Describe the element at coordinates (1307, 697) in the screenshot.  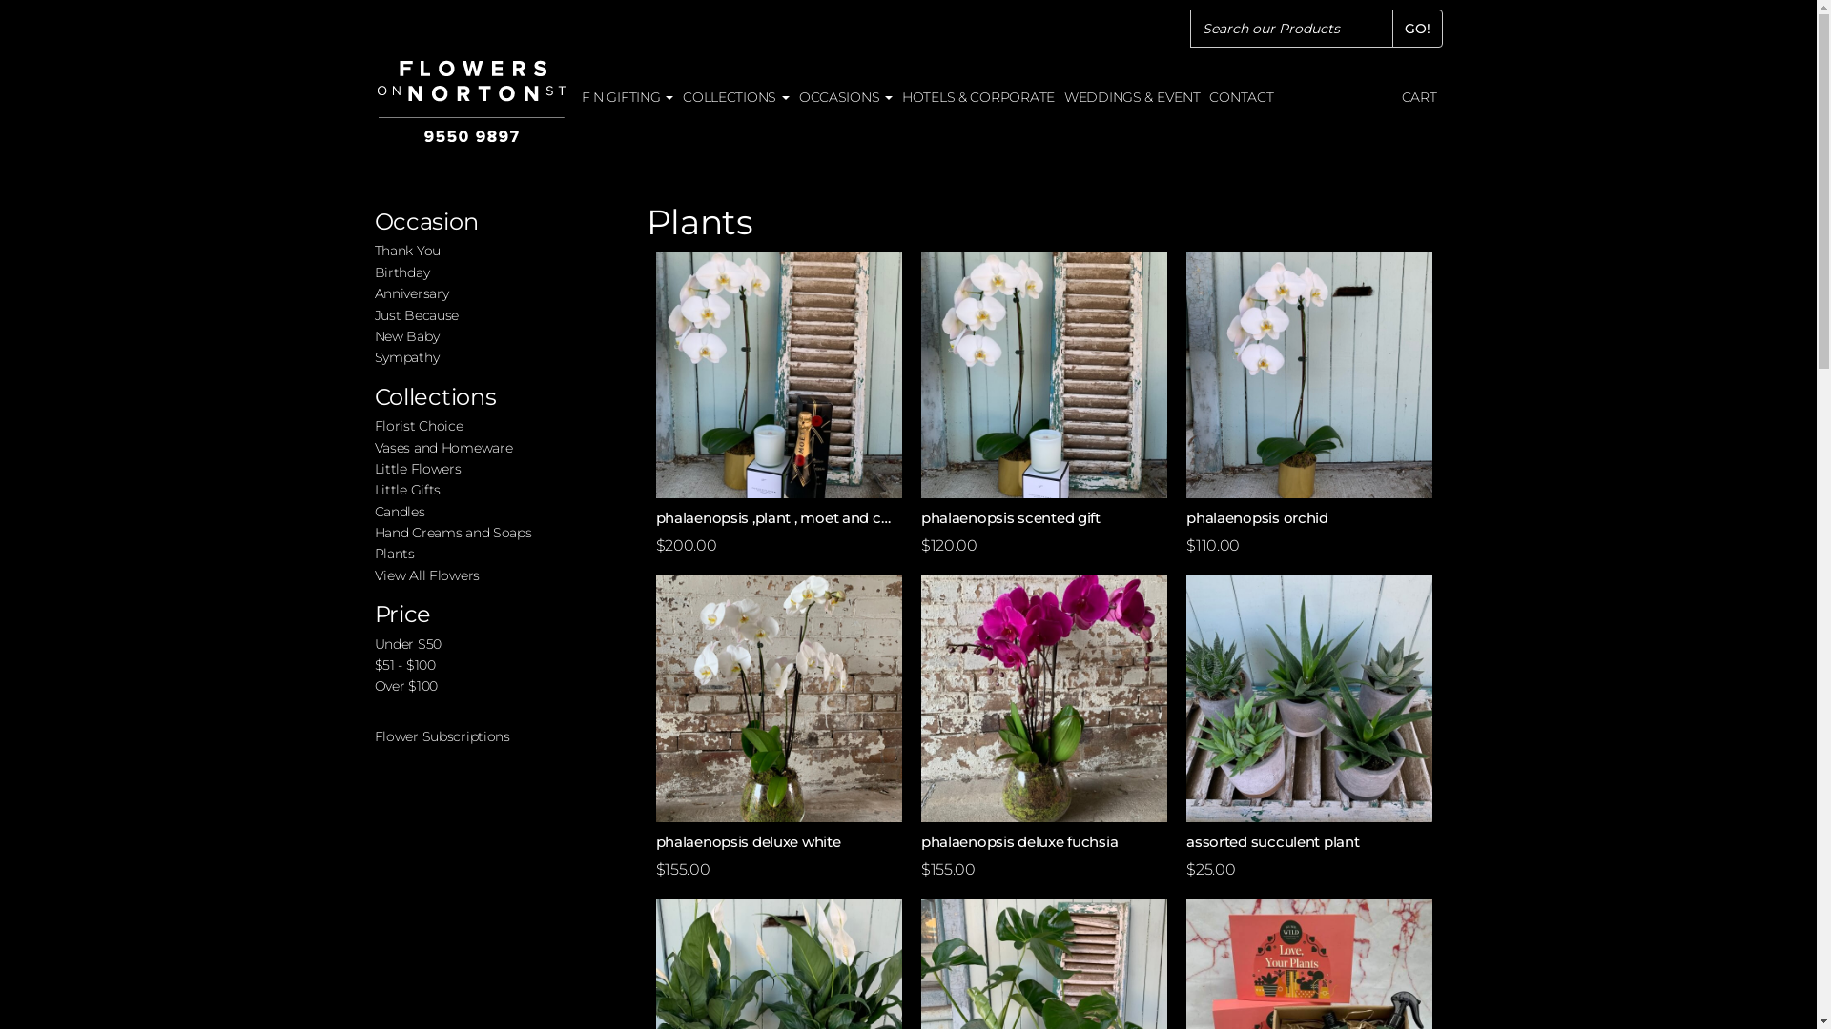
I see `'Assorted Succulent Plant'` at that location.